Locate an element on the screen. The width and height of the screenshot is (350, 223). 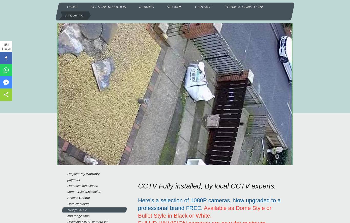
'.' is located at coordinates (211, 215).